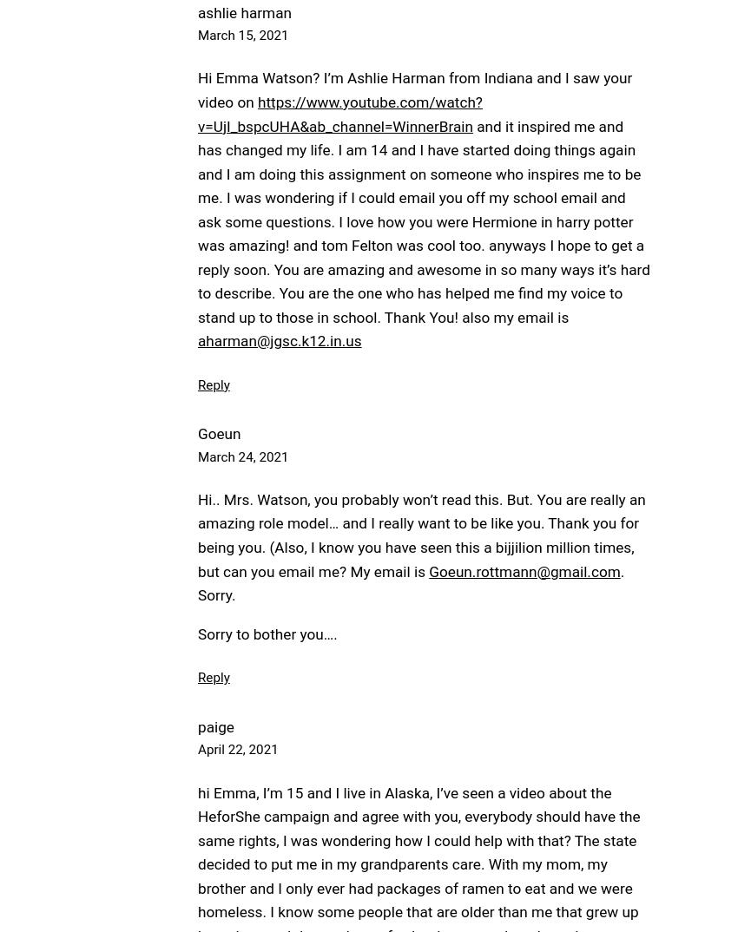 Image resolution: width=738 pixels, height=932 pixels. What do you see at coordinates (241, 35) in the screenshot?
I see `'March 15, 2021'` at bounding box center [241, 35].